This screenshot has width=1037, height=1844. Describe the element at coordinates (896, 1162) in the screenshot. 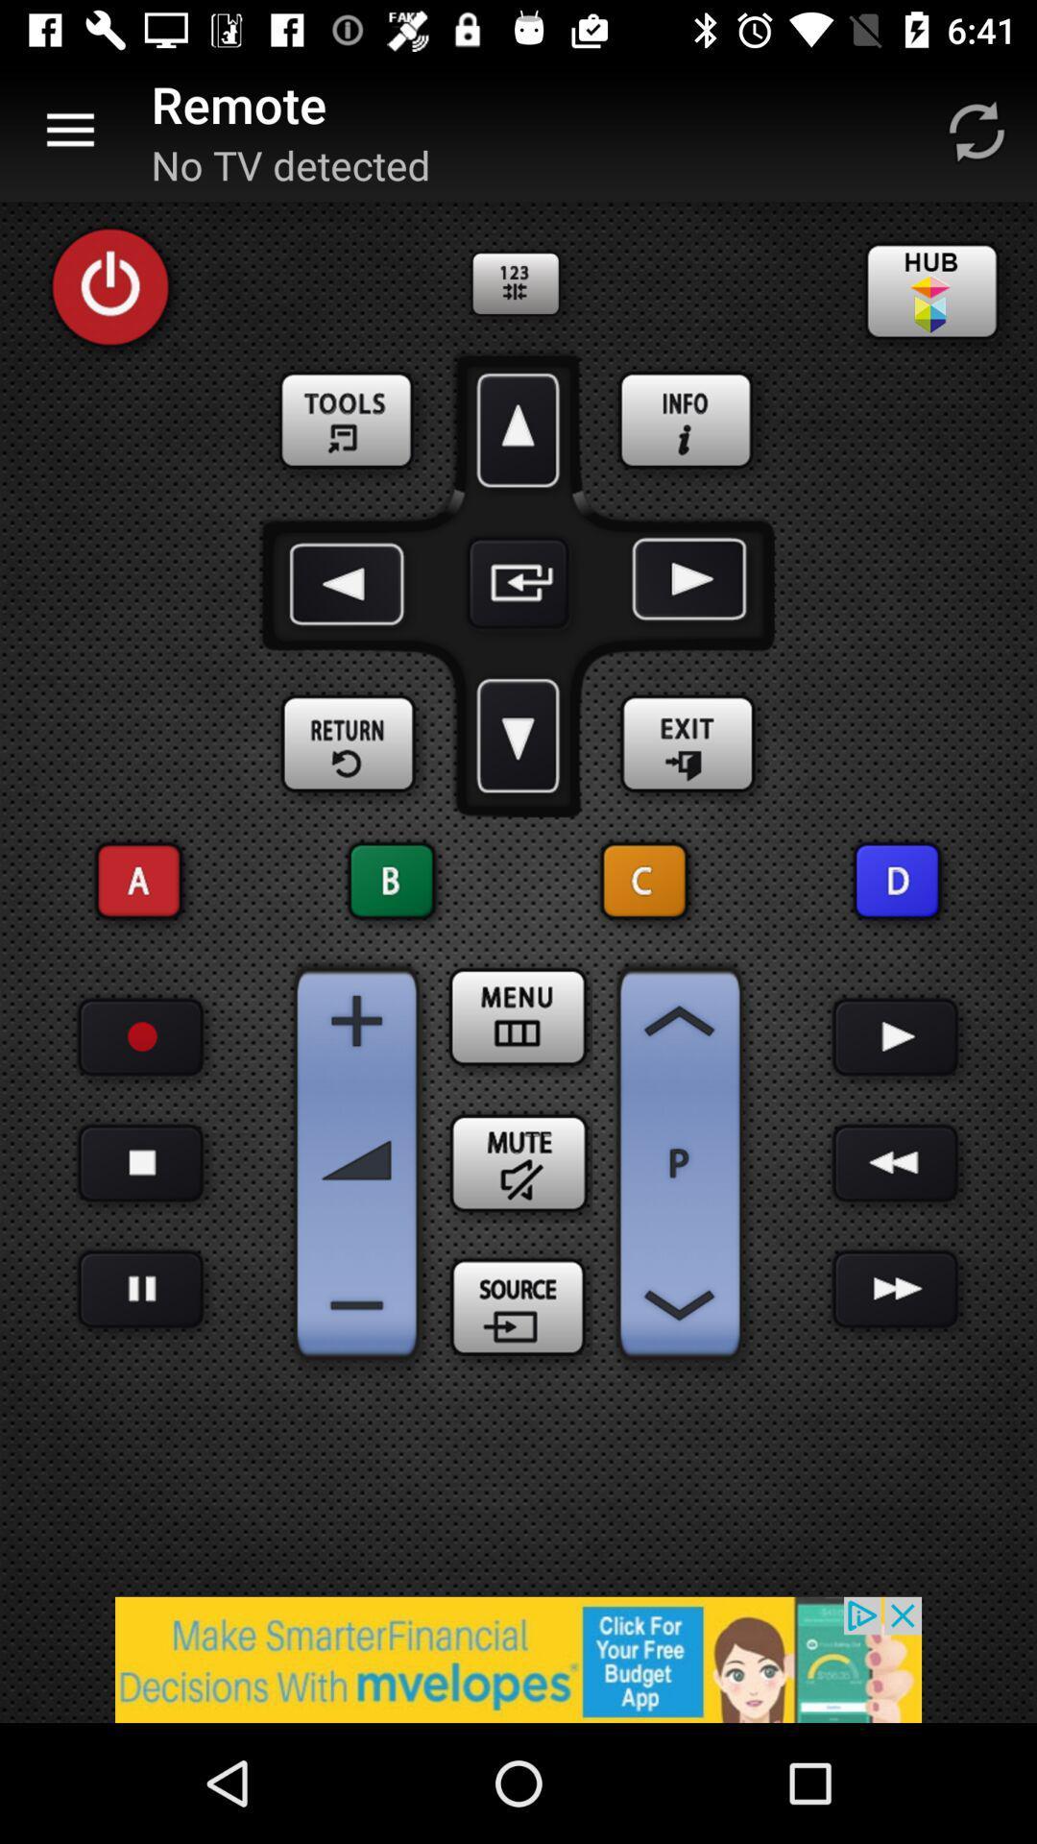

I see `the av_rewind icon` at that location.